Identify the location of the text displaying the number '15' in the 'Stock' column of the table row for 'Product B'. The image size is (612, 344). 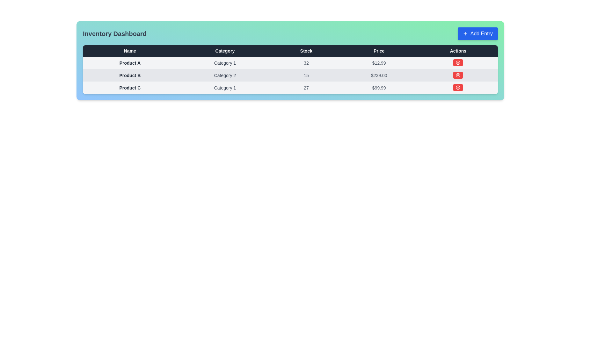
(306, 75).